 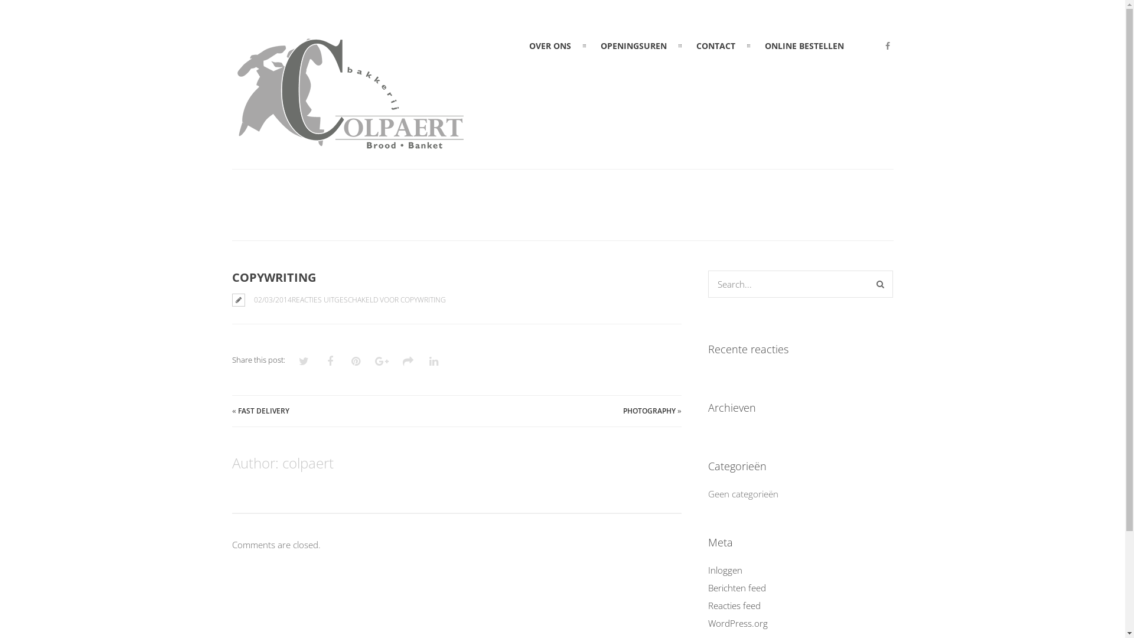 I want to click on 'OPENINGSUREN', so click(x=633, y=45).